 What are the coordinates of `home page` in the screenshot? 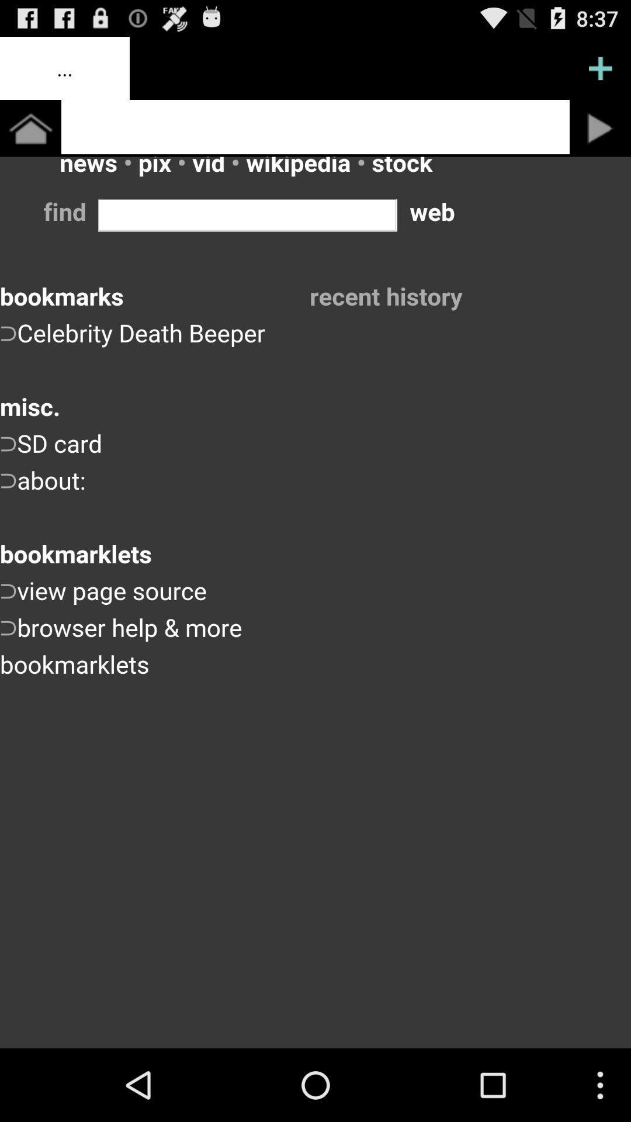 It's located at (315, 127).